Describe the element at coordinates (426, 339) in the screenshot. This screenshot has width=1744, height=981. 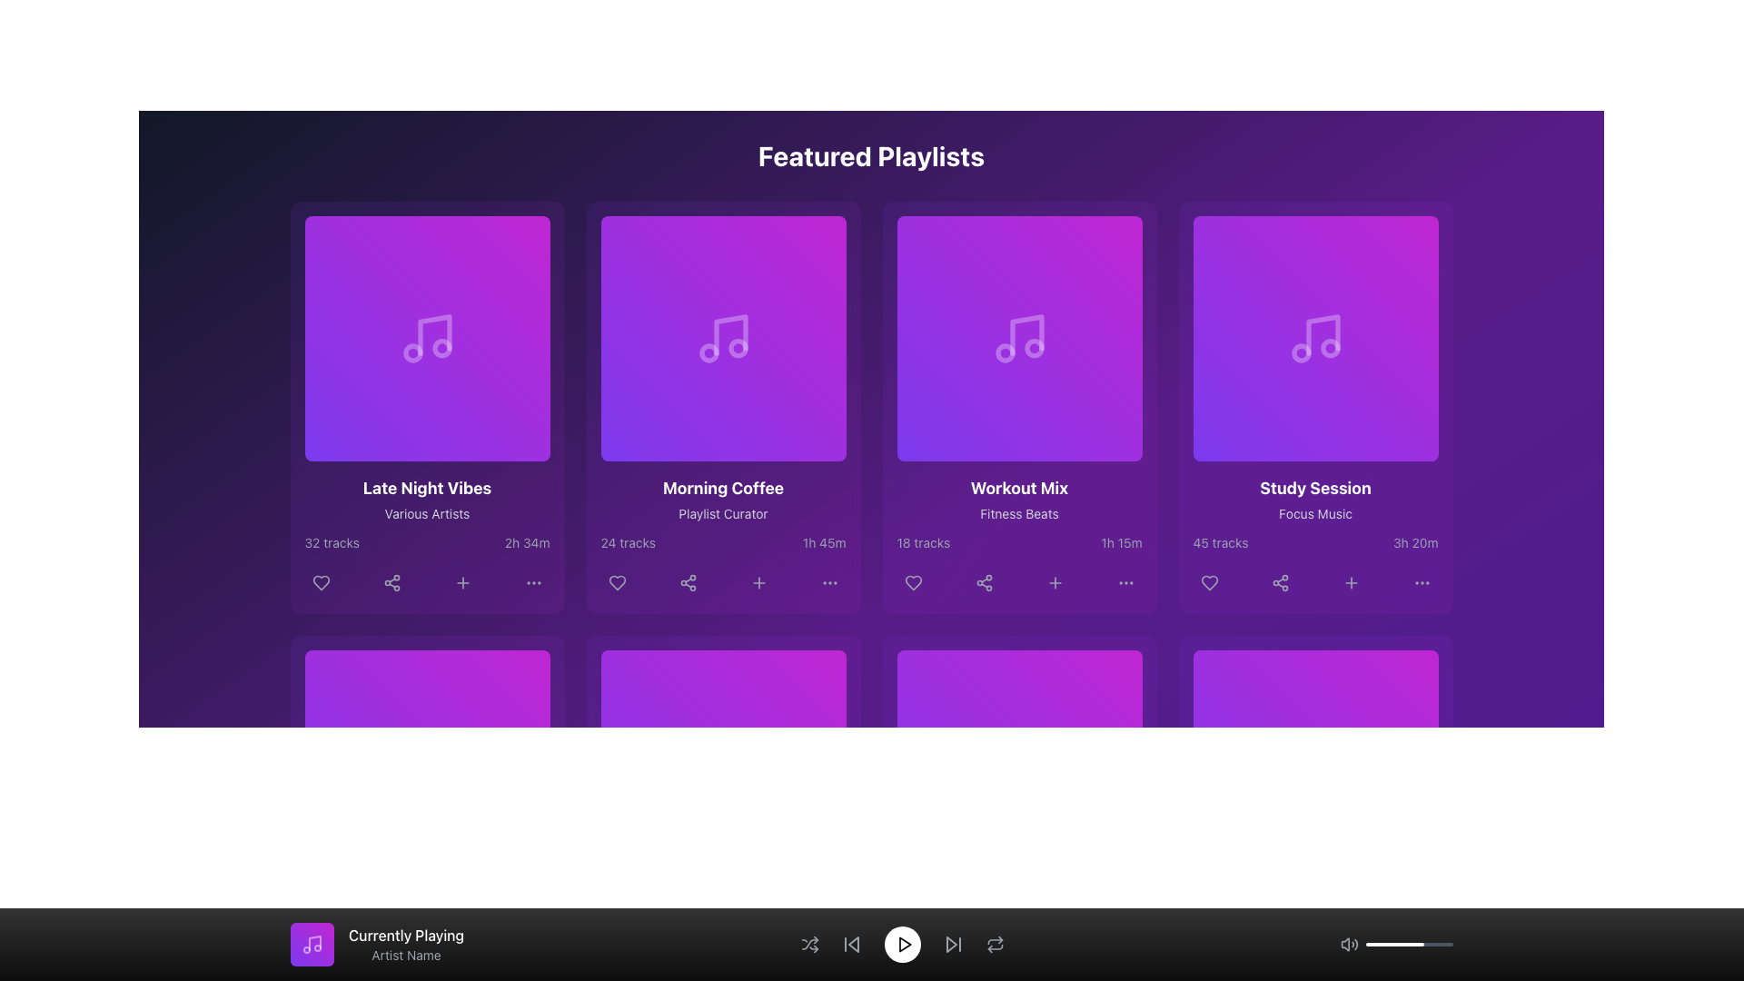
I see `the circular play button centered within the 'Late Night Vibes' playlist card` at that location.